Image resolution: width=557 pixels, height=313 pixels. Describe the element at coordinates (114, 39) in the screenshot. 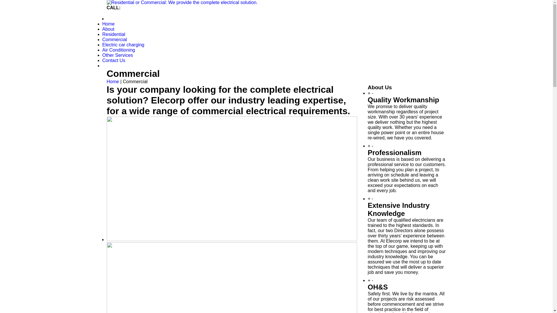

I see `'Commercial'` at that location.